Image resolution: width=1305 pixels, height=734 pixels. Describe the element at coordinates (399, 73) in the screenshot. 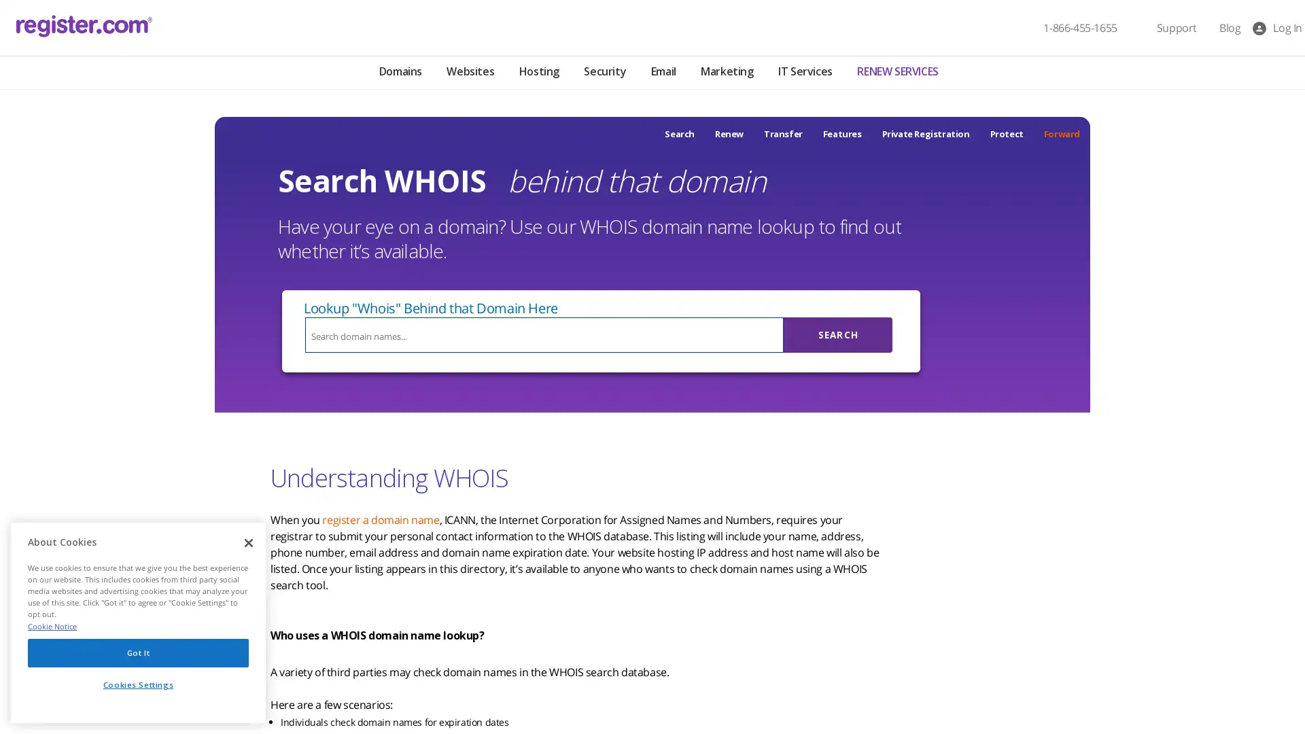

I see `Domains` at that location.